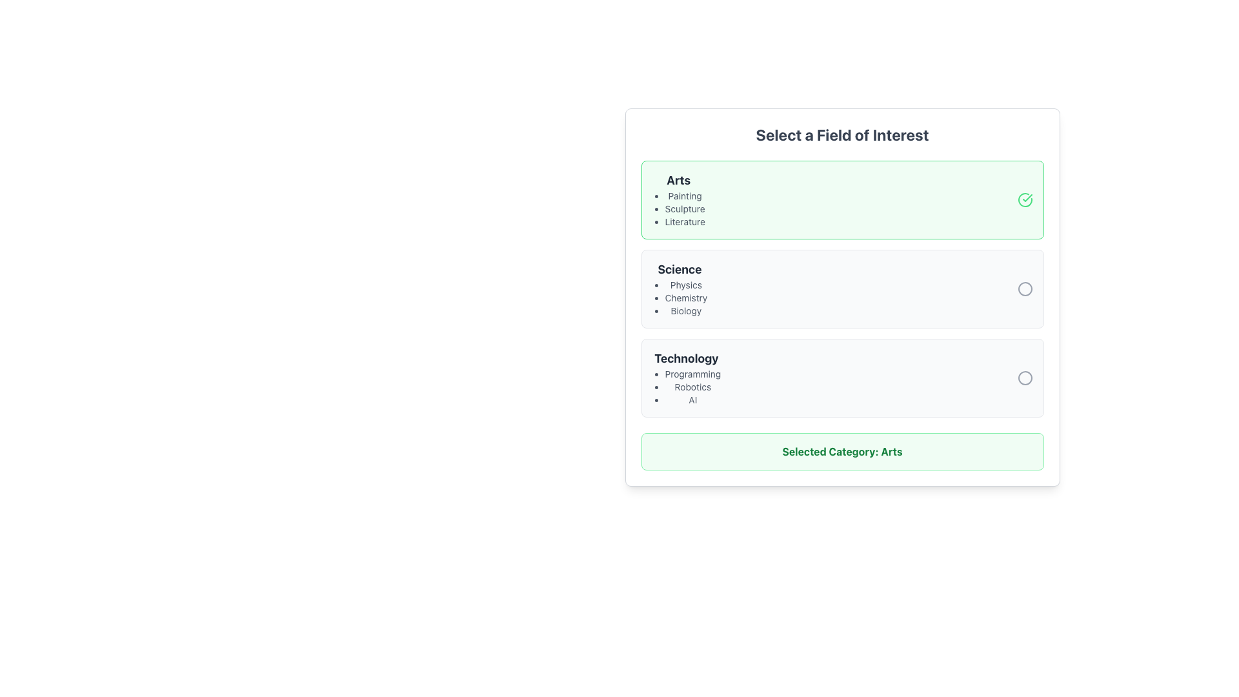  Describe the element at coordinates (842, 288) in the screenshot. I see `the selectable list item labeled 'Science', which is the second item in a vertical stack, positioned between 'Arts' and 'Technology'` at that location.